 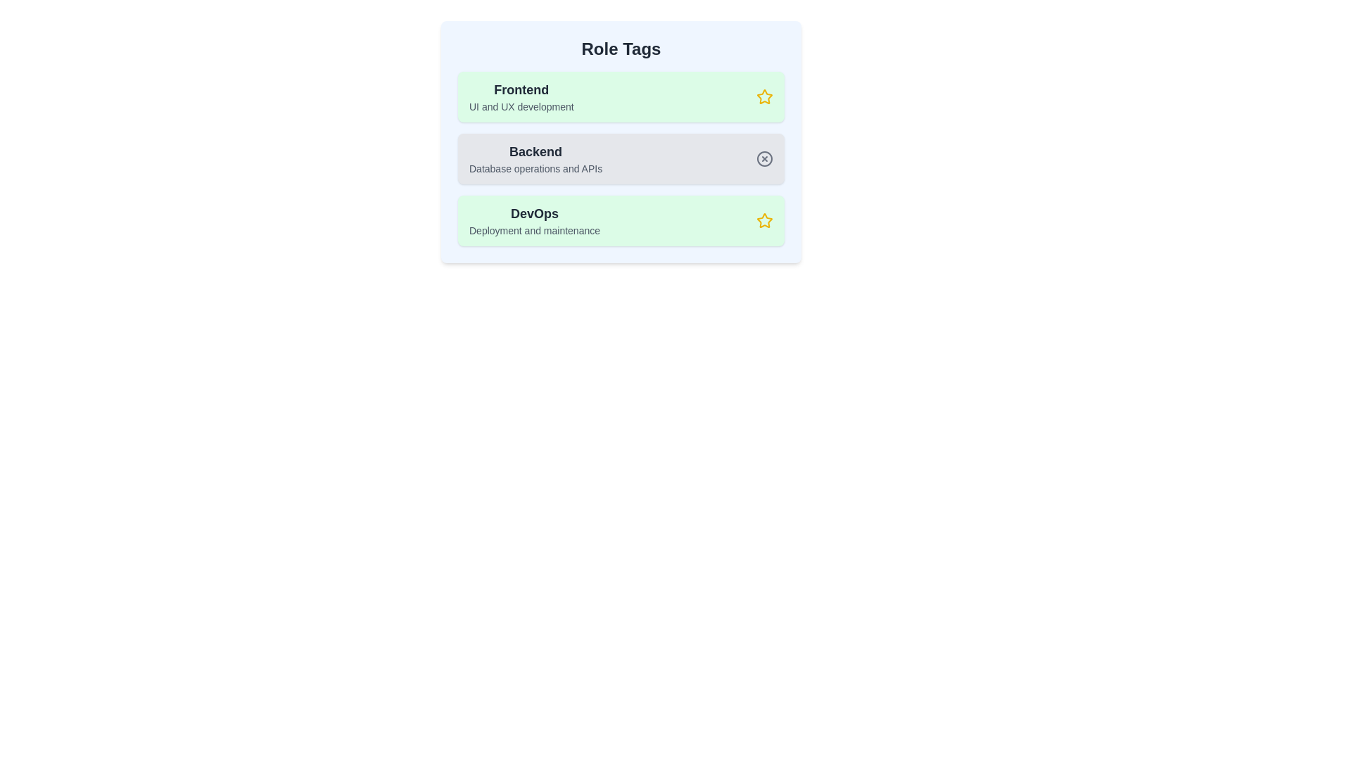 What do you see at coordinates (621, 96) in the screenshot?
I see `the tag labeled 'Frontend' to trigger its animation effect` at bounding box center [621, 96].